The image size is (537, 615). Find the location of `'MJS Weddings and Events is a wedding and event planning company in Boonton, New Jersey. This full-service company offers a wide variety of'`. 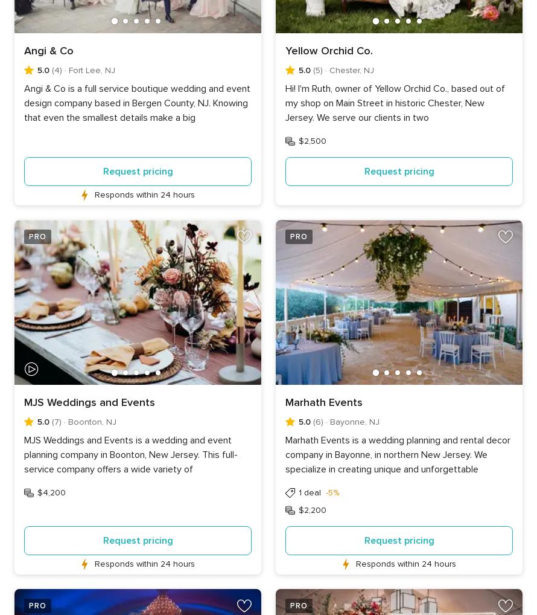

'MJS Weddings and Events is a wedding and event planning company in Boonton, New Jersey. This full-service company offers a wide variety of' is located at coordinates (24, 454).